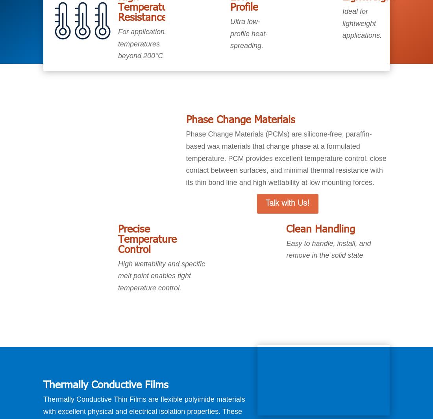 The image size is (433, 419). I want to click on 'Ultra low-profile heat-spreading.', so click(248, 33).